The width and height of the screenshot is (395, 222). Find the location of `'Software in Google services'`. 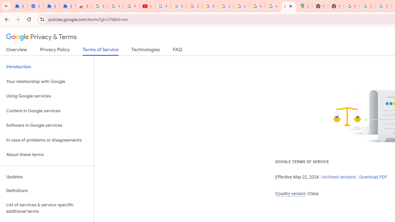

'Software in Google services' is located at coordinates (47, 125).